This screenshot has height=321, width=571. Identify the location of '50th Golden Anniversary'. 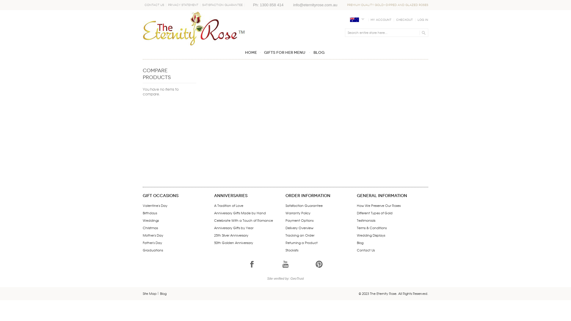
(233, 243).